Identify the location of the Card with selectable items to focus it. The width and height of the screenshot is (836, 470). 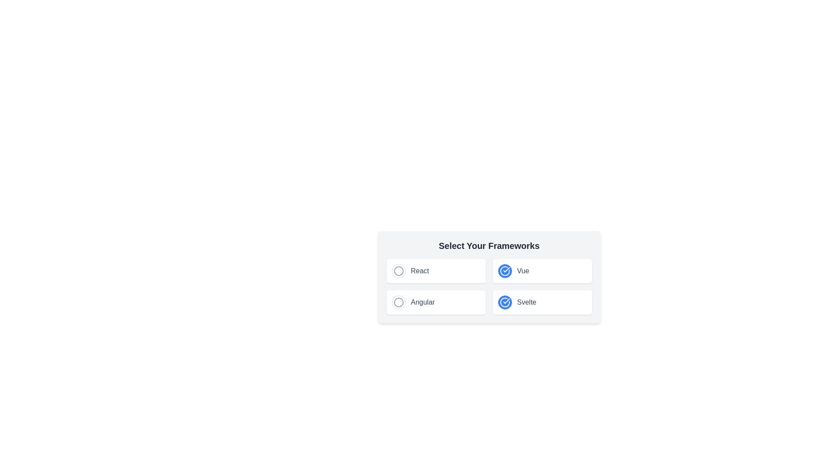
(489, 277).